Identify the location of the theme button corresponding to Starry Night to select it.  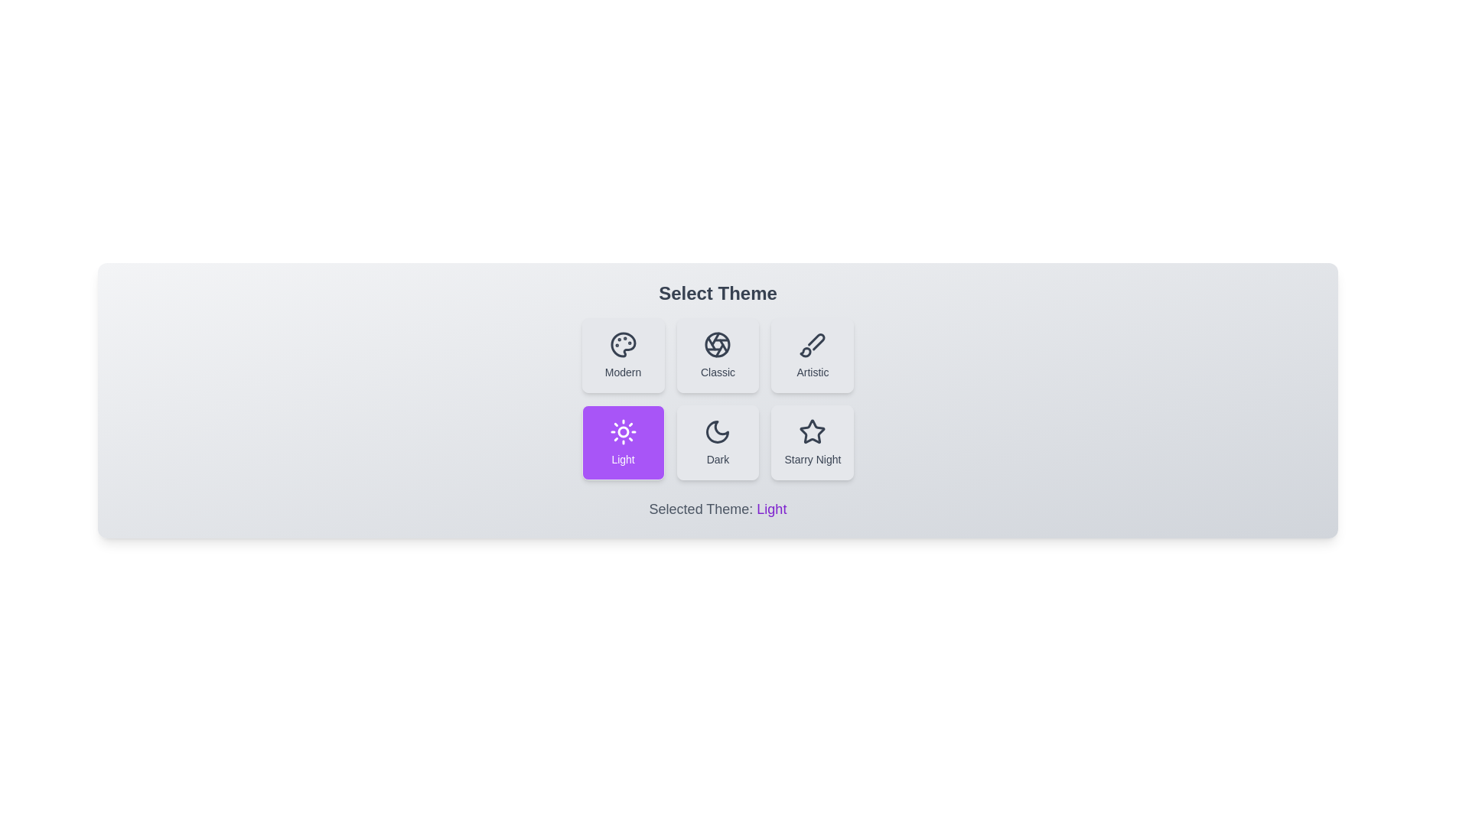
(812, 442).